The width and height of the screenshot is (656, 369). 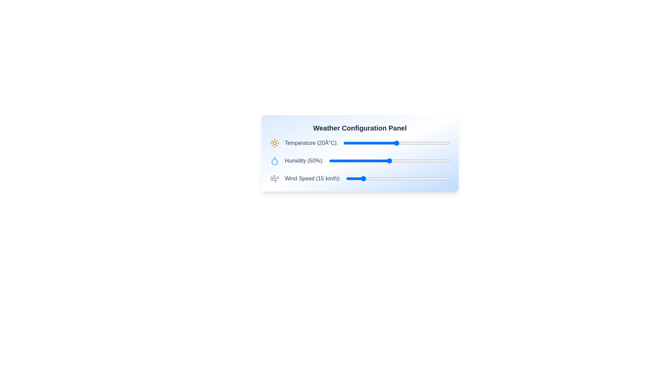 What do you see at coordinates (274, 178) in the screenshot?
I see `the wind icon for visual inspection` at bounding box center [274, 178].